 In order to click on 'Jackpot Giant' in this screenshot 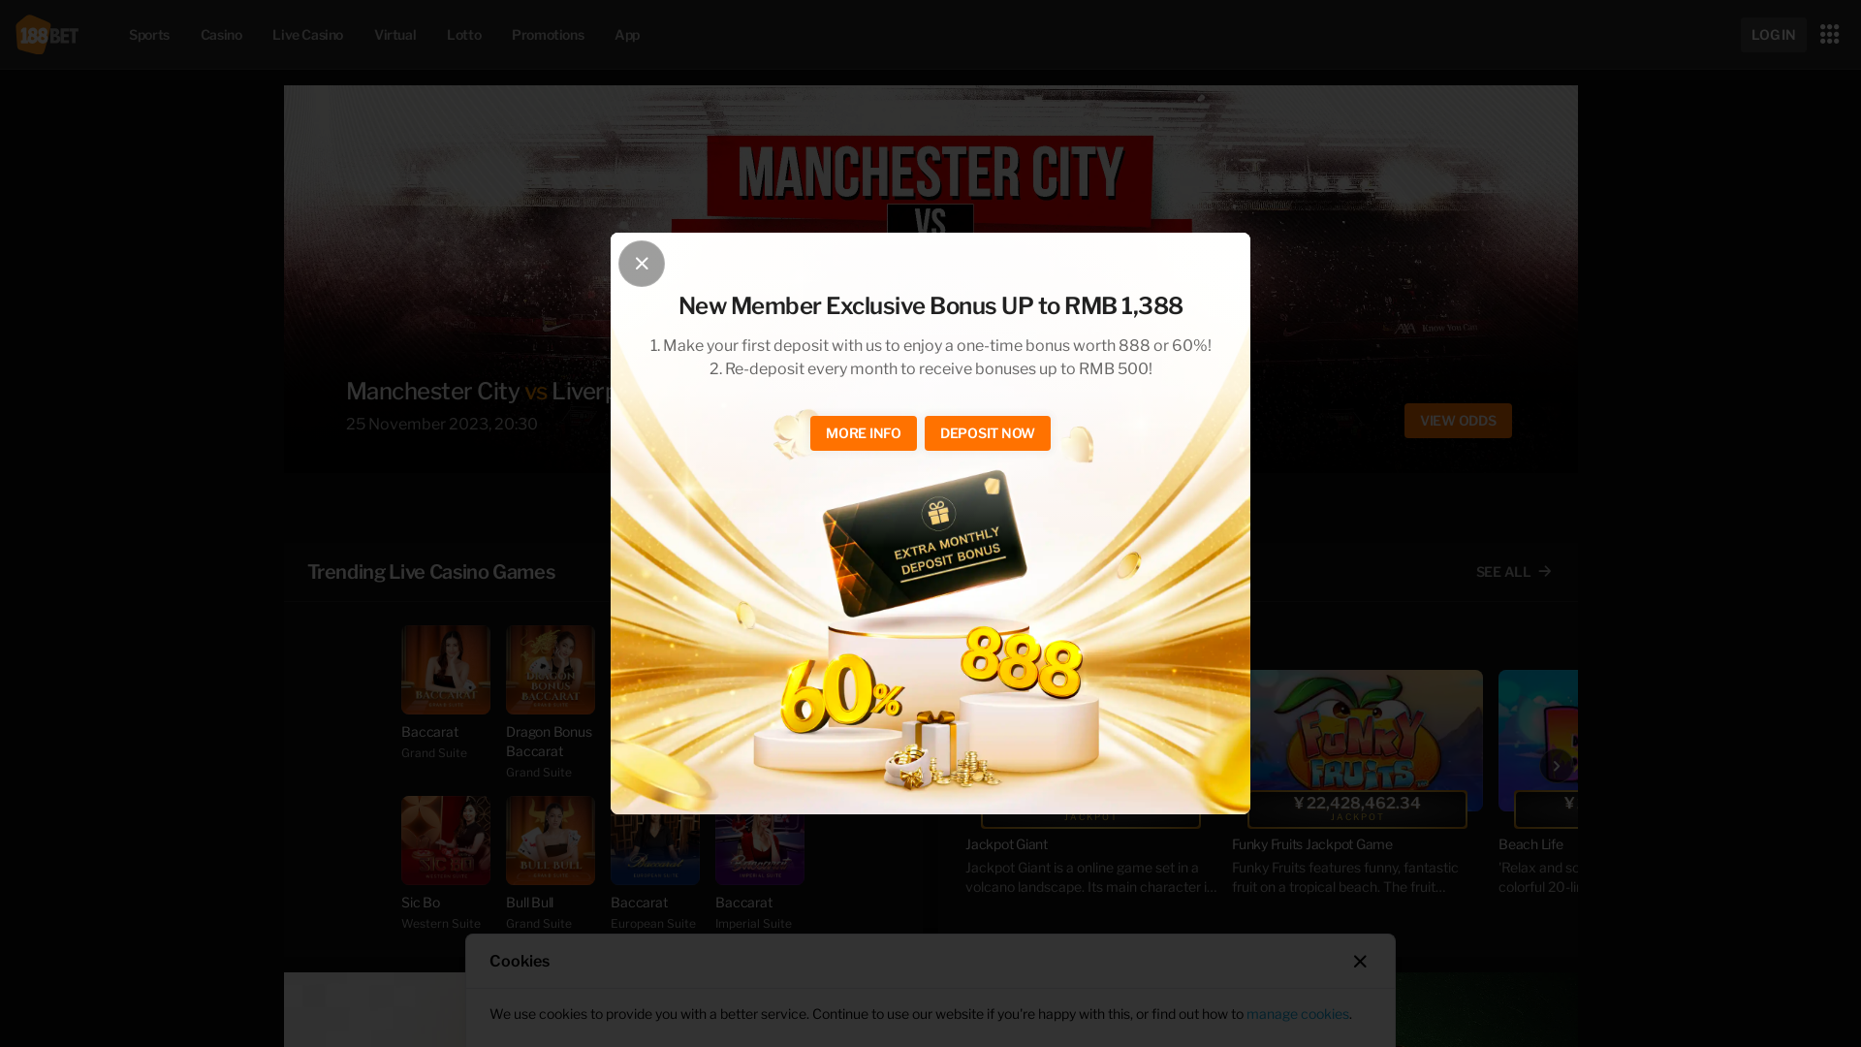, I will do `click(1090, 740)`.